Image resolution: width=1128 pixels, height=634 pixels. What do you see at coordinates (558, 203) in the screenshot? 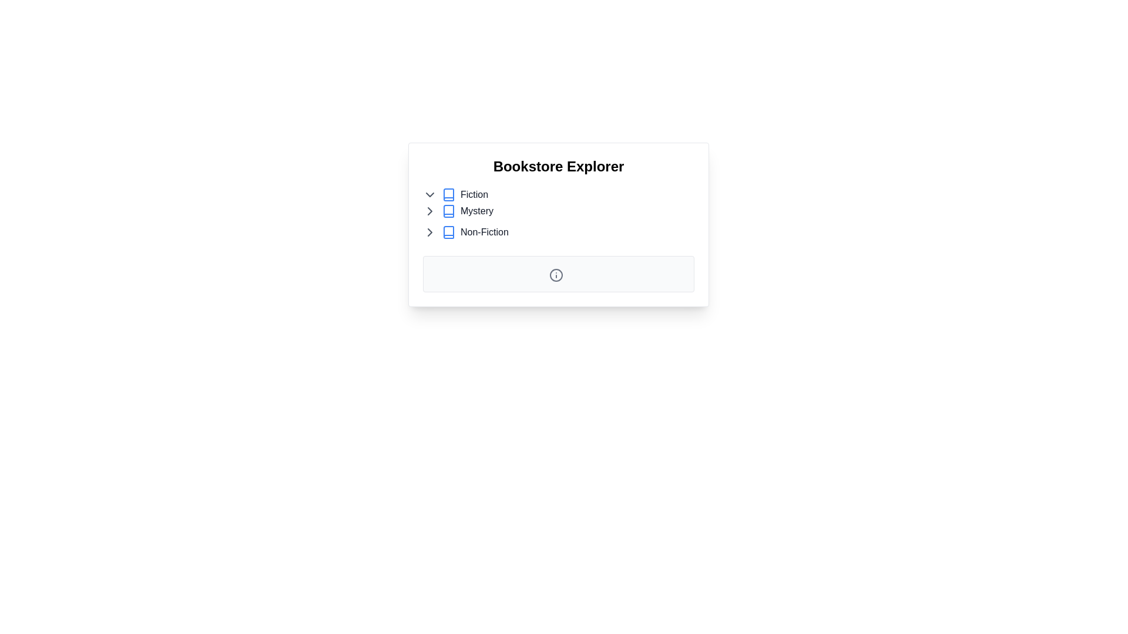
I see `the List Section titled 'Bookstore Explorer'` at bounding box center [558, 203].